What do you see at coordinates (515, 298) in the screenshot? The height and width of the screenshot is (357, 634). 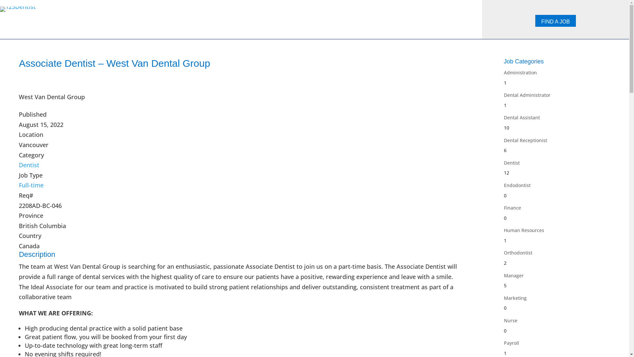 I see `'Marketing'` at bounding box center [515, 298].